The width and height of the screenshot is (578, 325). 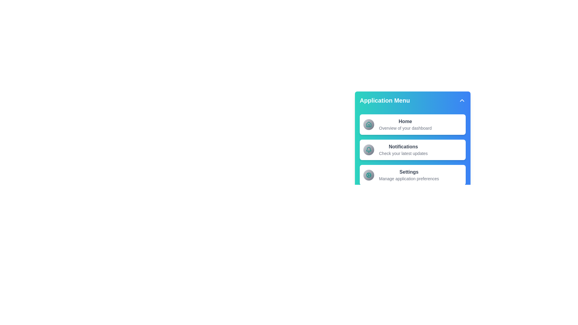 What do you see at coordinates (378, 172) in the screenshot?
I see `the menu item Settings and read its description` at bounding box center [378, 172].